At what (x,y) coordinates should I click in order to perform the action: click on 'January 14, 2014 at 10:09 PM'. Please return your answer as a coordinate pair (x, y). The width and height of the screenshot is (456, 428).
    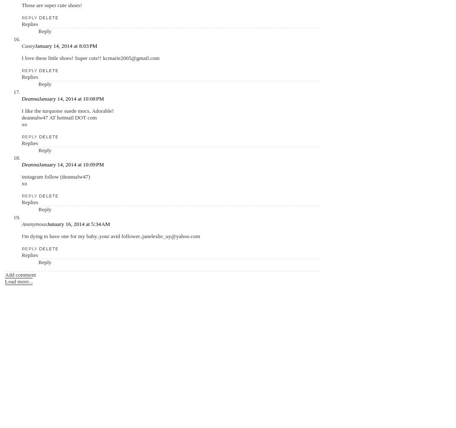
    Looking at the image, I should click on (39, 164).